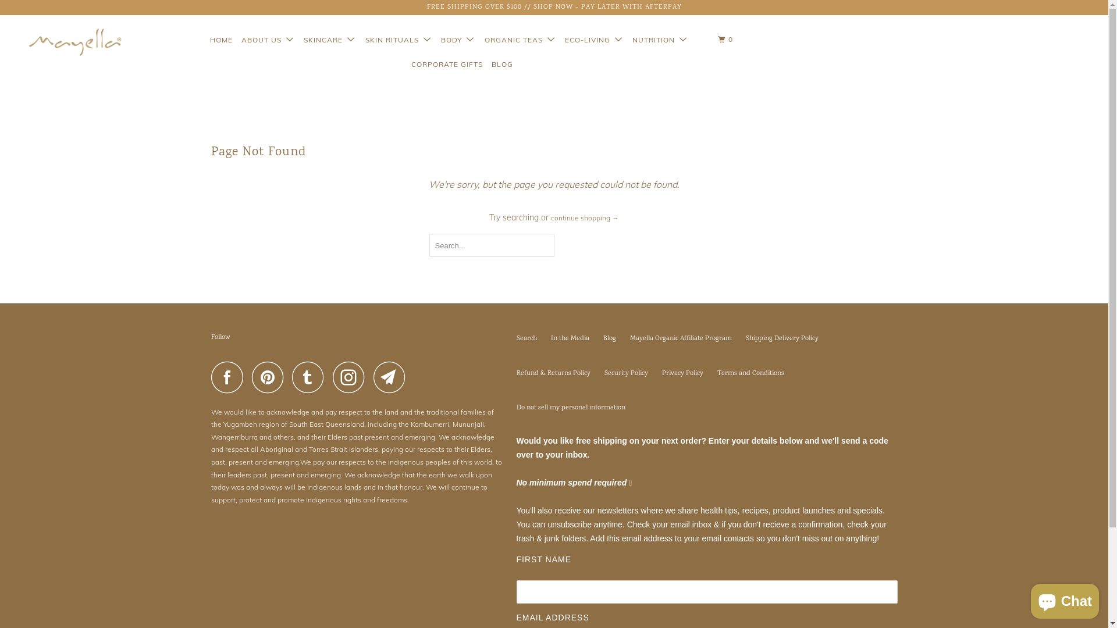 This screenshot has width=1117, height=628. Describe the element at coordinates (750, 373) in the screenshot. I see `'Terms and Conditions'` at that location.